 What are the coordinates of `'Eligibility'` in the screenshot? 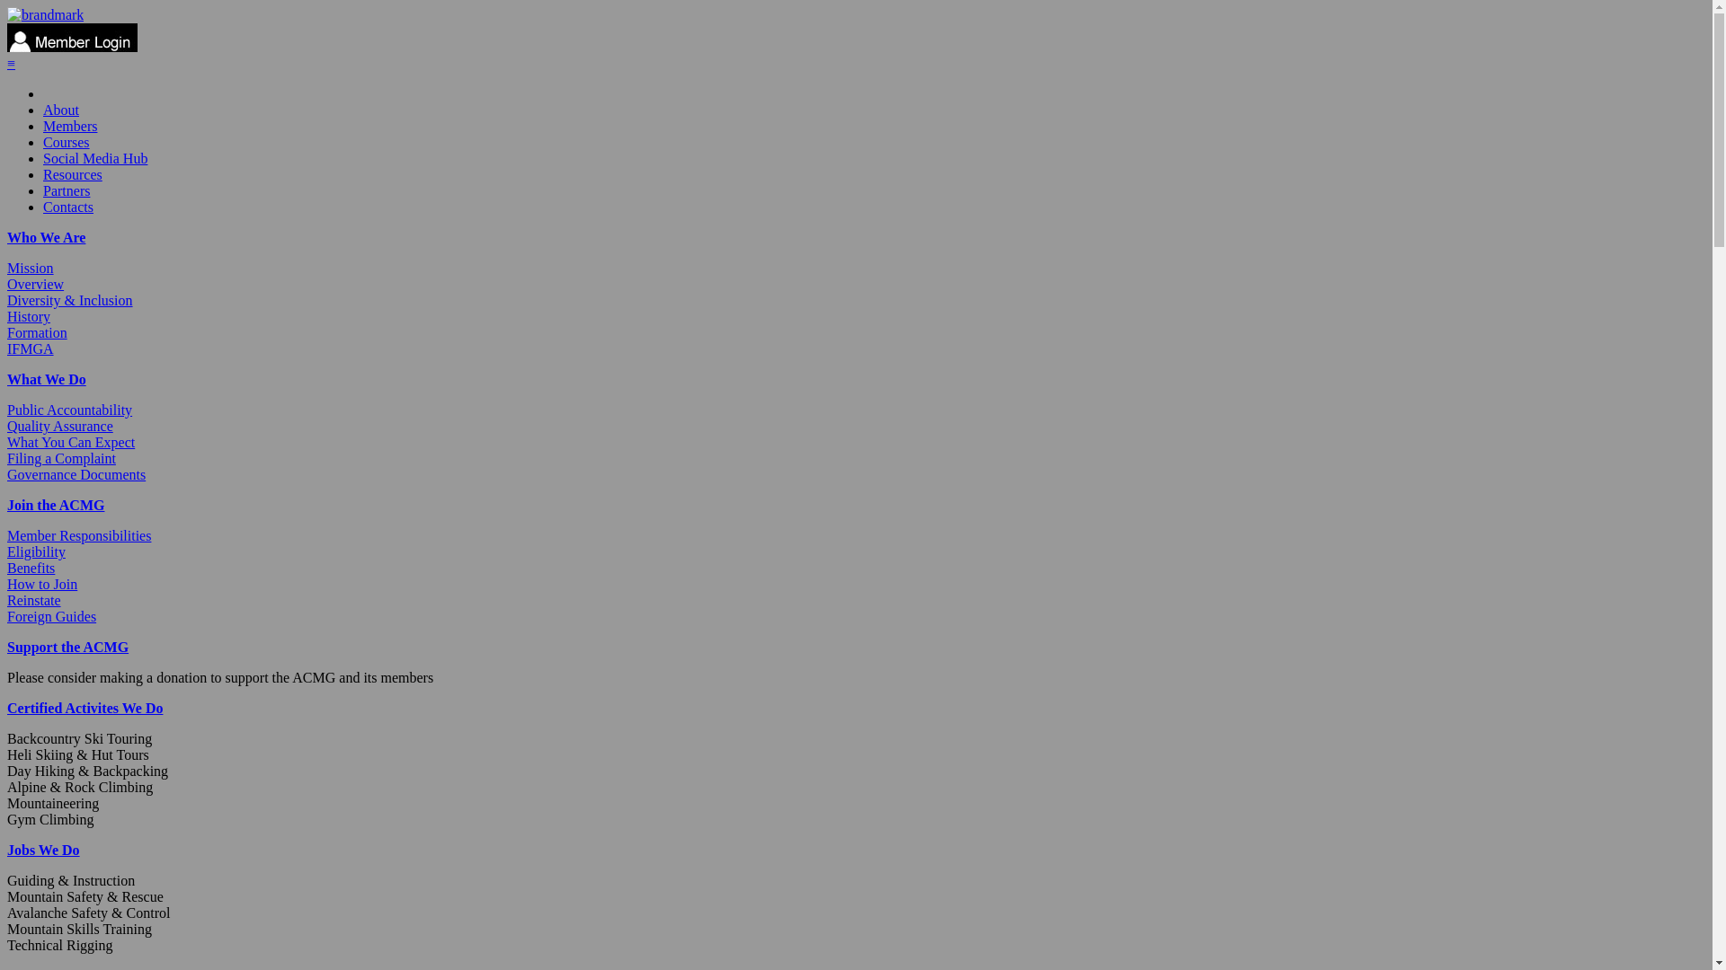 It's located at (36, 551).